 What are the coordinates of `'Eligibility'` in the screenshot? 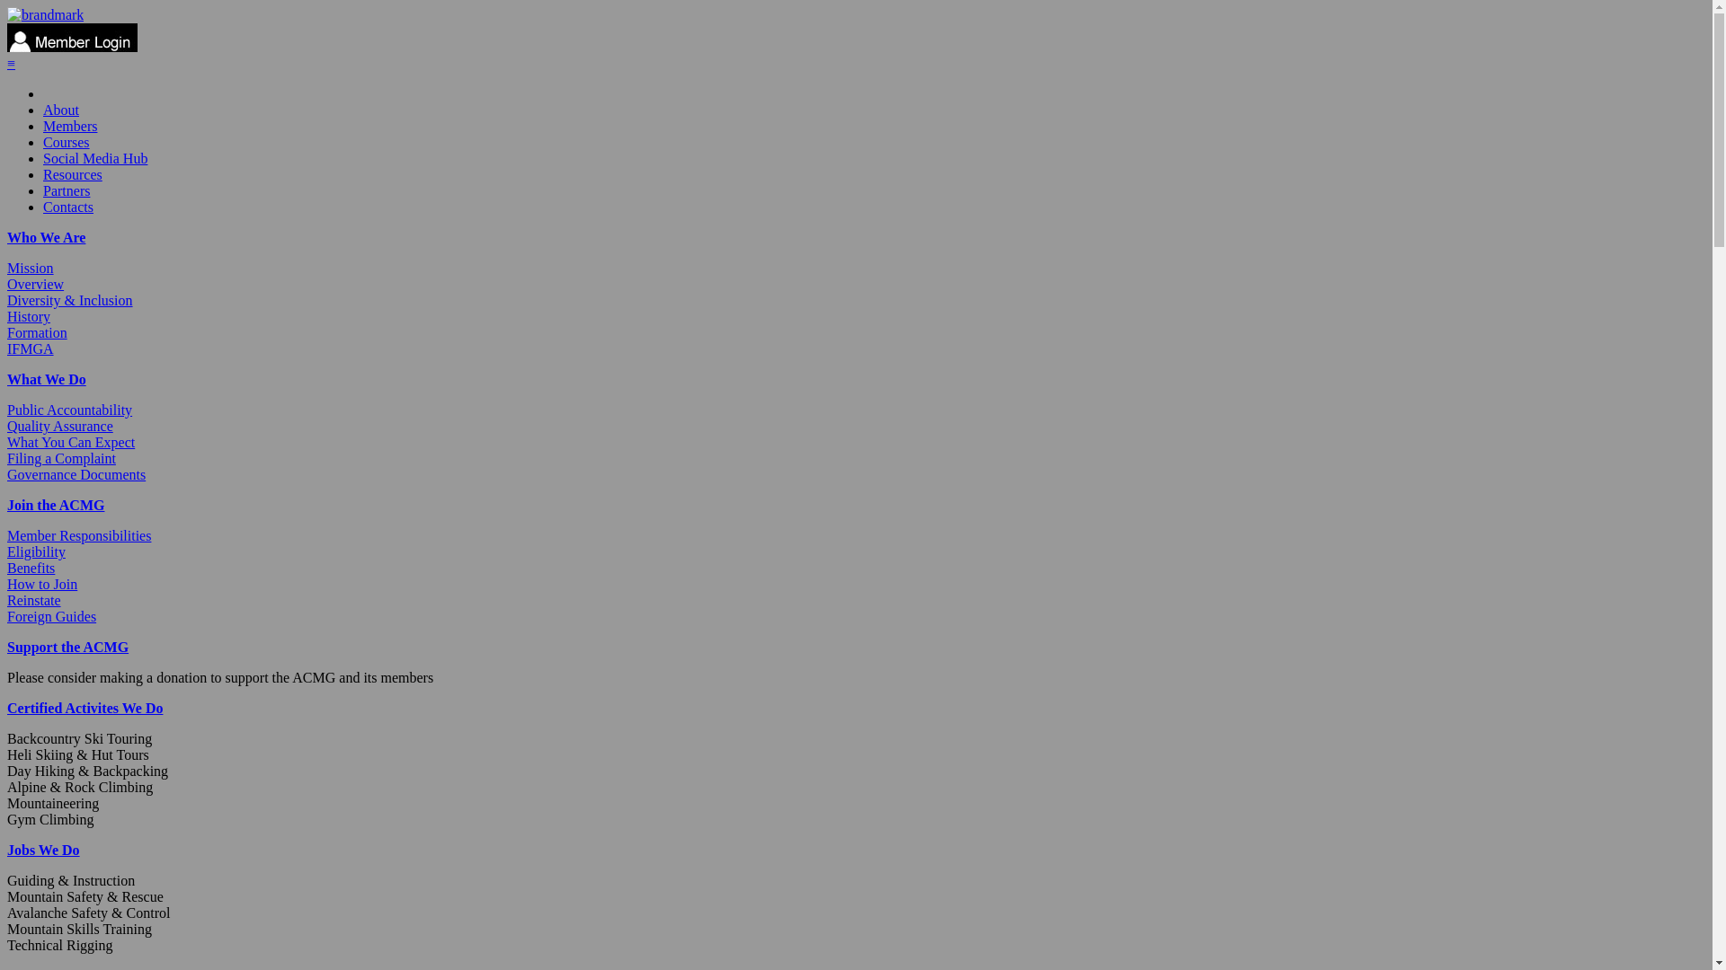 It's located at (36, 551).